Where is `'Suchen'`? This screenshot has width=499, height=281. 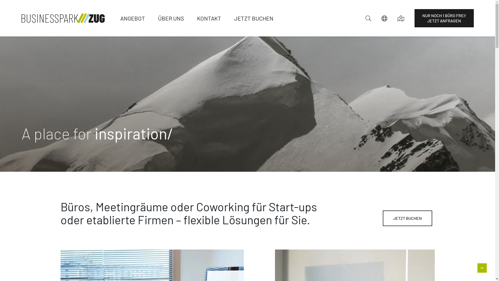
'Suchen' is located at coordinates (365, 18).